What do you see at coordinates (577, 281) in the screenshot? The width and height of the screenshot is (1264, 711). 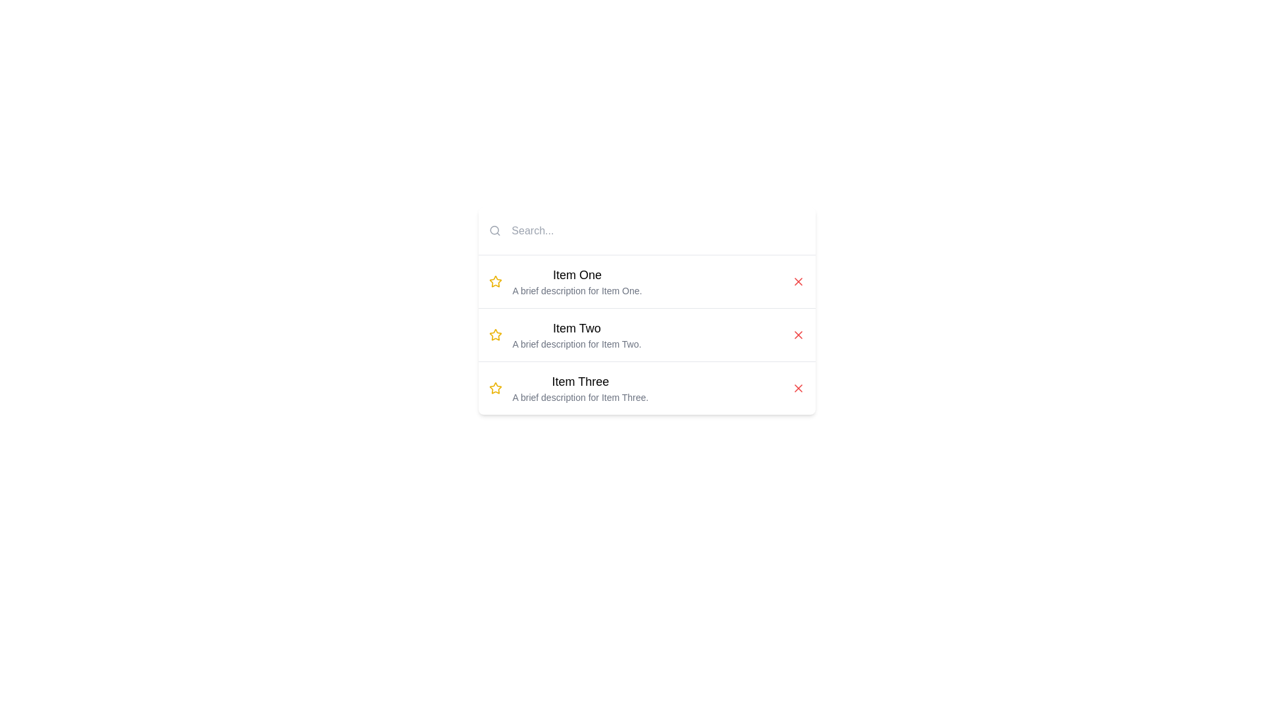 I see `the first list item titled 'Item One'` at bounding box center [577, 281].